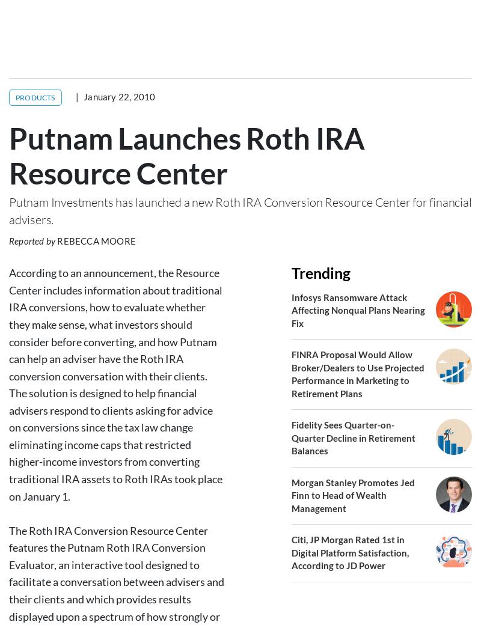  Describe the element at coordinates (177, 416) in the screenshot. I see `'Rollover'` at that location.